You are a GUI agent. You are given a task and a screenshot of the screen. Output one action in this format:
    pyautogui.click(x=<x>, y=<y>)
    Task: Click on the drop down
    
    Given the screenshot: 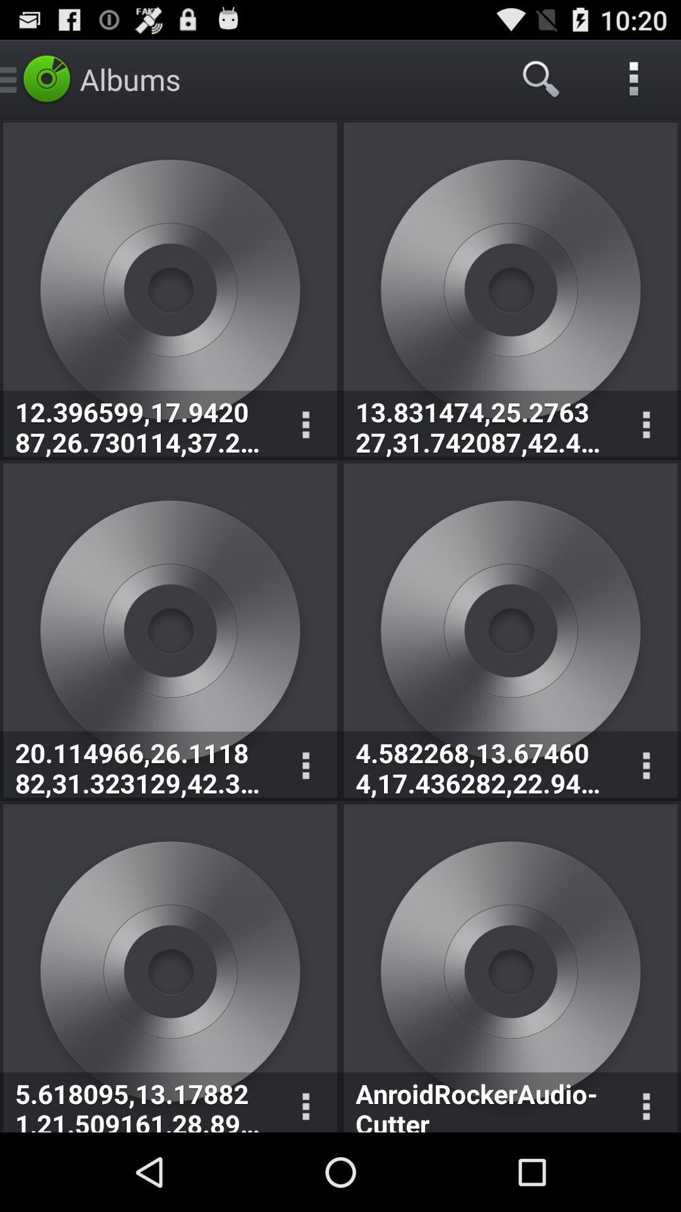 What is the action you would take?
    pyautogui.click(x=646, y=765)
    